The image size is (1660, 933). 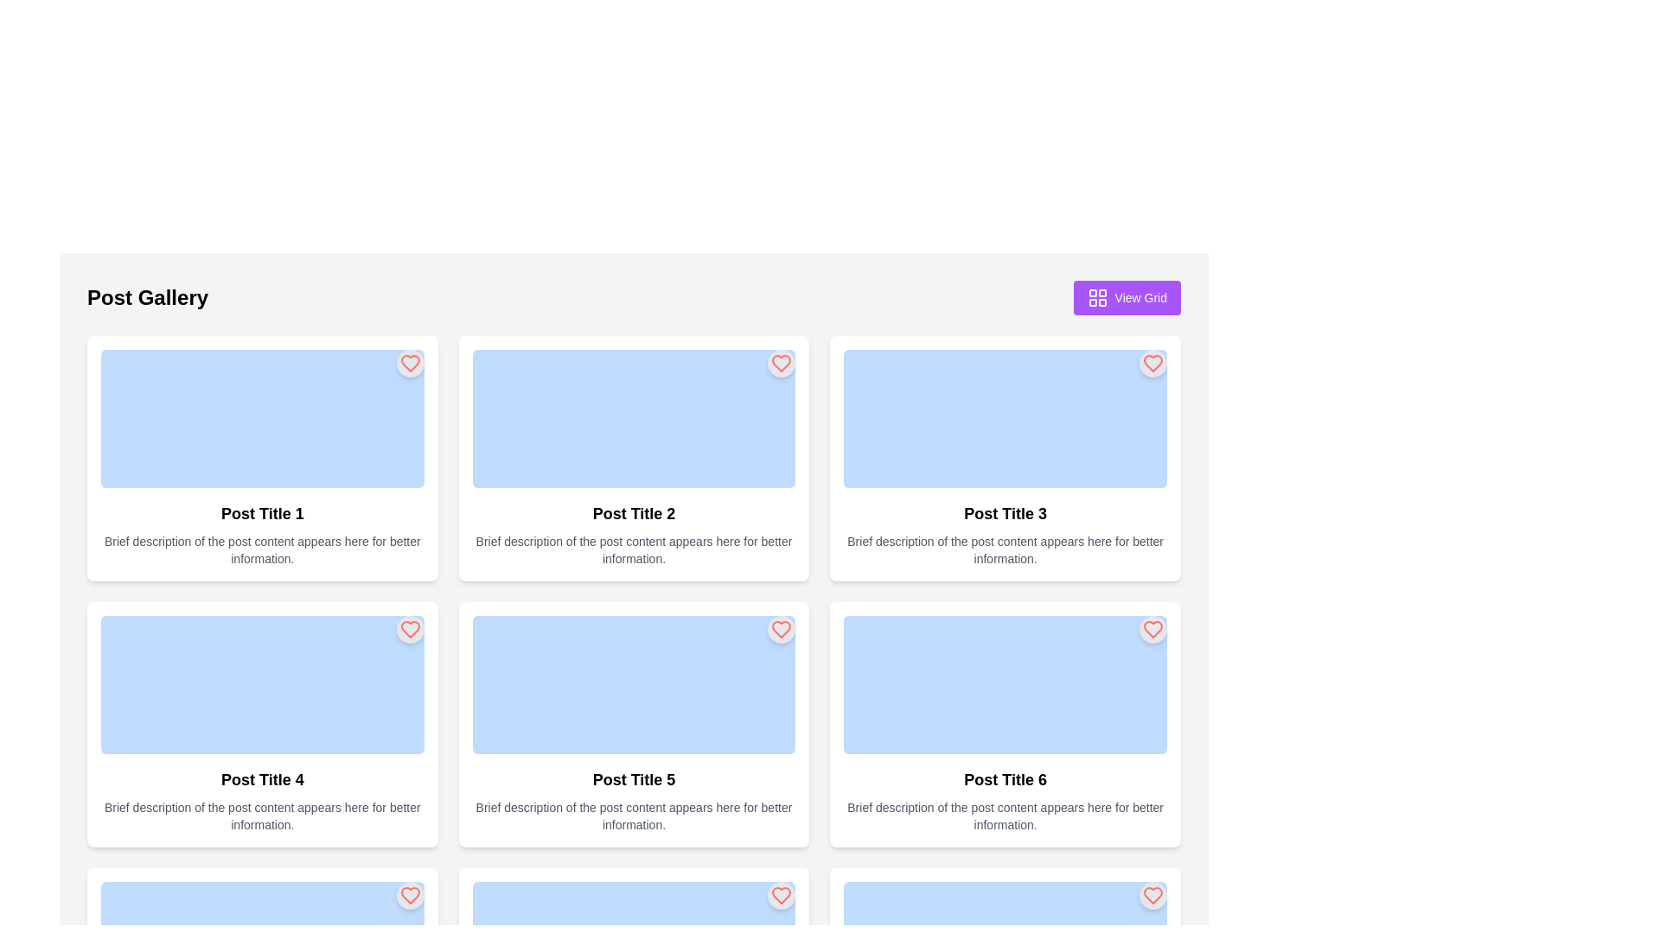 What do you see at coordinates (409, 362) in the screenshot?
I see `the heart-shaped icon button with a light red hue in the top-right corner of the first post card titled 'Post Title 1' to like the post` at bounding box center [409, 362].